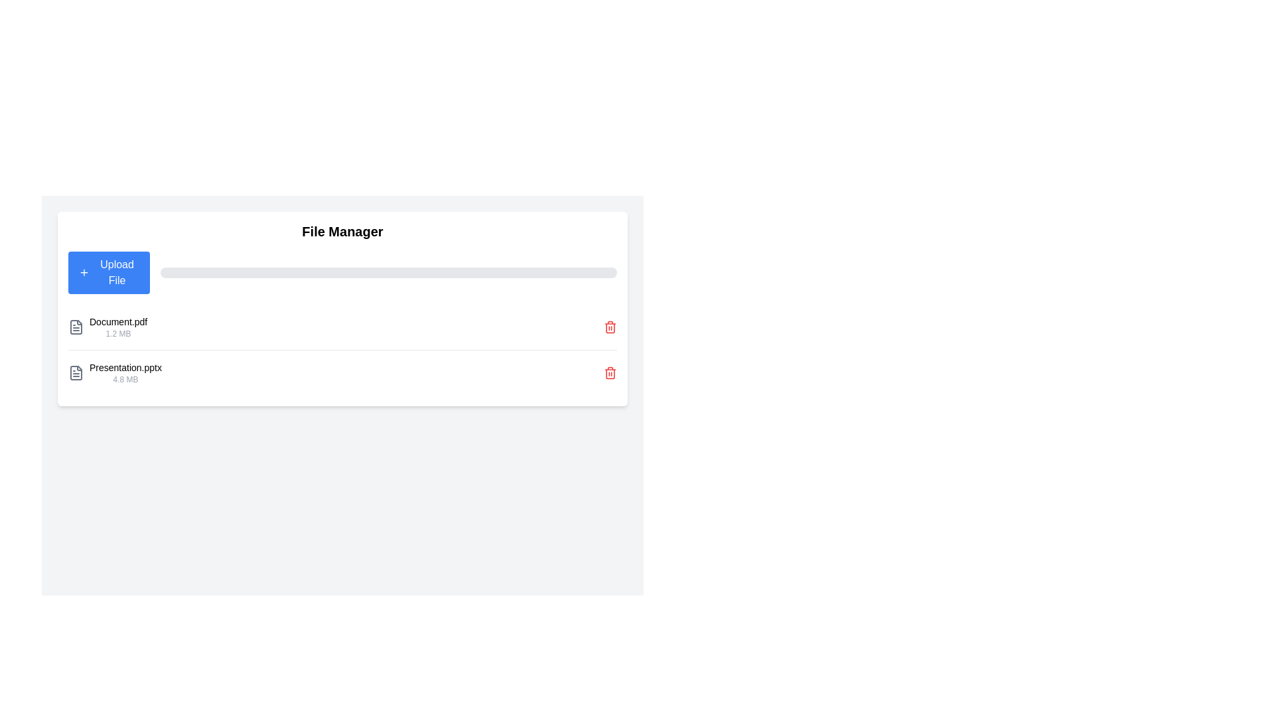  Describe the element at coordinates (107, 327) in the screenshot. I see `the file display component representing the first file entry in the File Manager` at that location.